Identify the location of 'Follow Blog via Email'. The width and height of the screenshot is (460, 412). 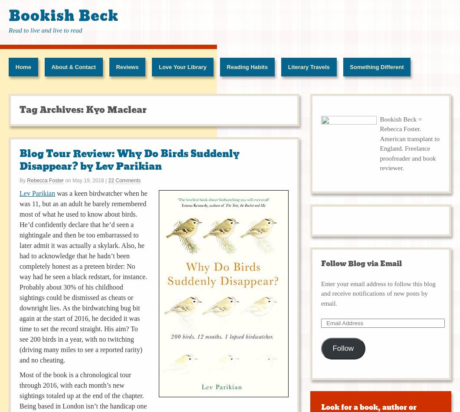
(361, 263).